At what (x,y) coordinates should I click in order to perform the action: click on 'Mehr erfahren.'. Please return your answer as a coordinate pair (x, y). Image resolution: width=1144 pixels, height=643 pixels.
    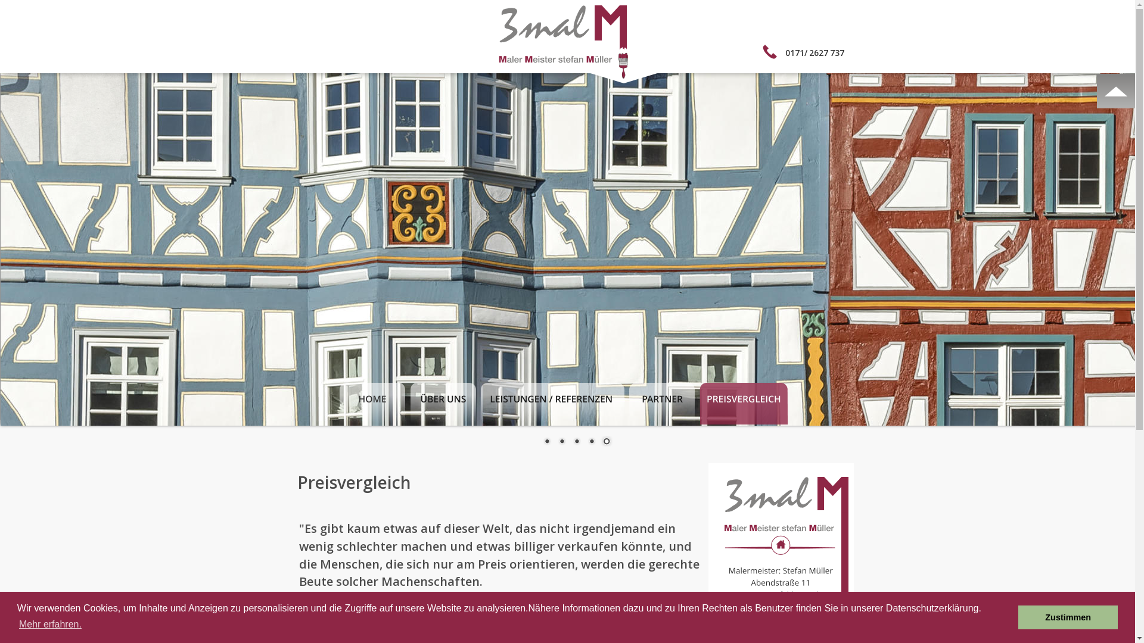
    Looking at the image, I should click on (17, 624).